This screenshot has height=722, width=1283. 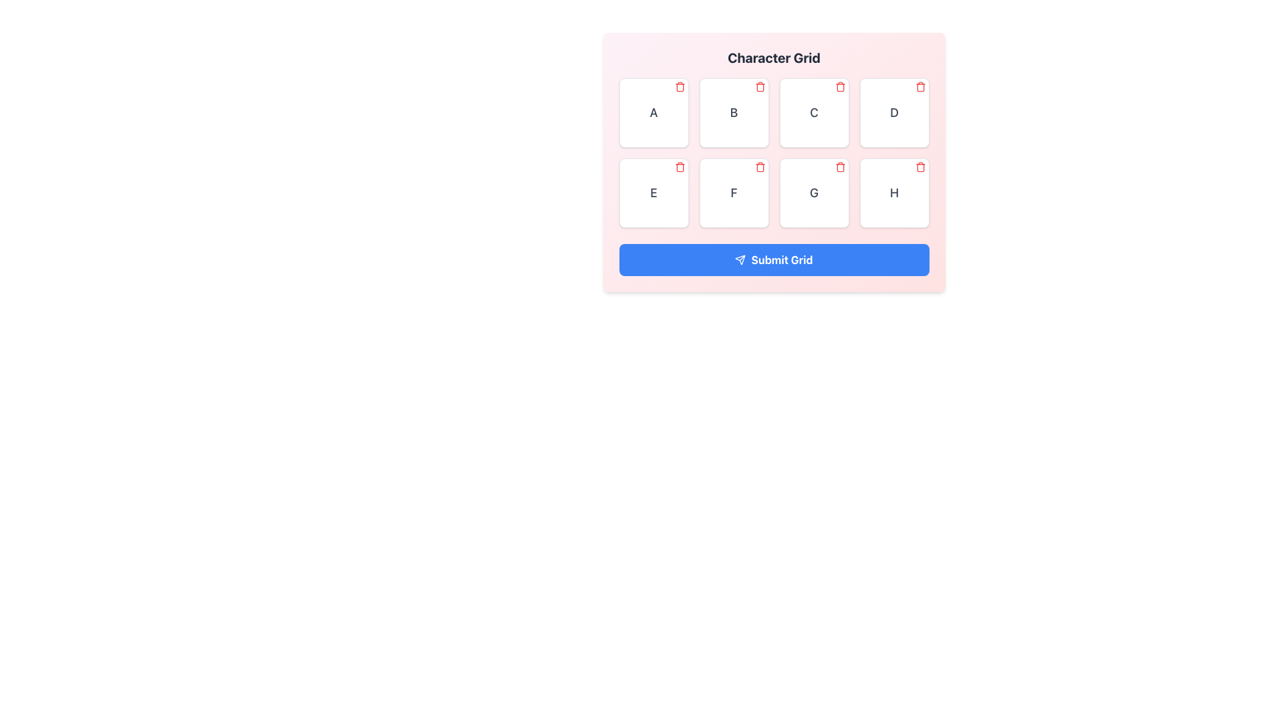 I want to click on the Grid cell containing the letter 'H' with a delete icon, so click(x=894, y=193).